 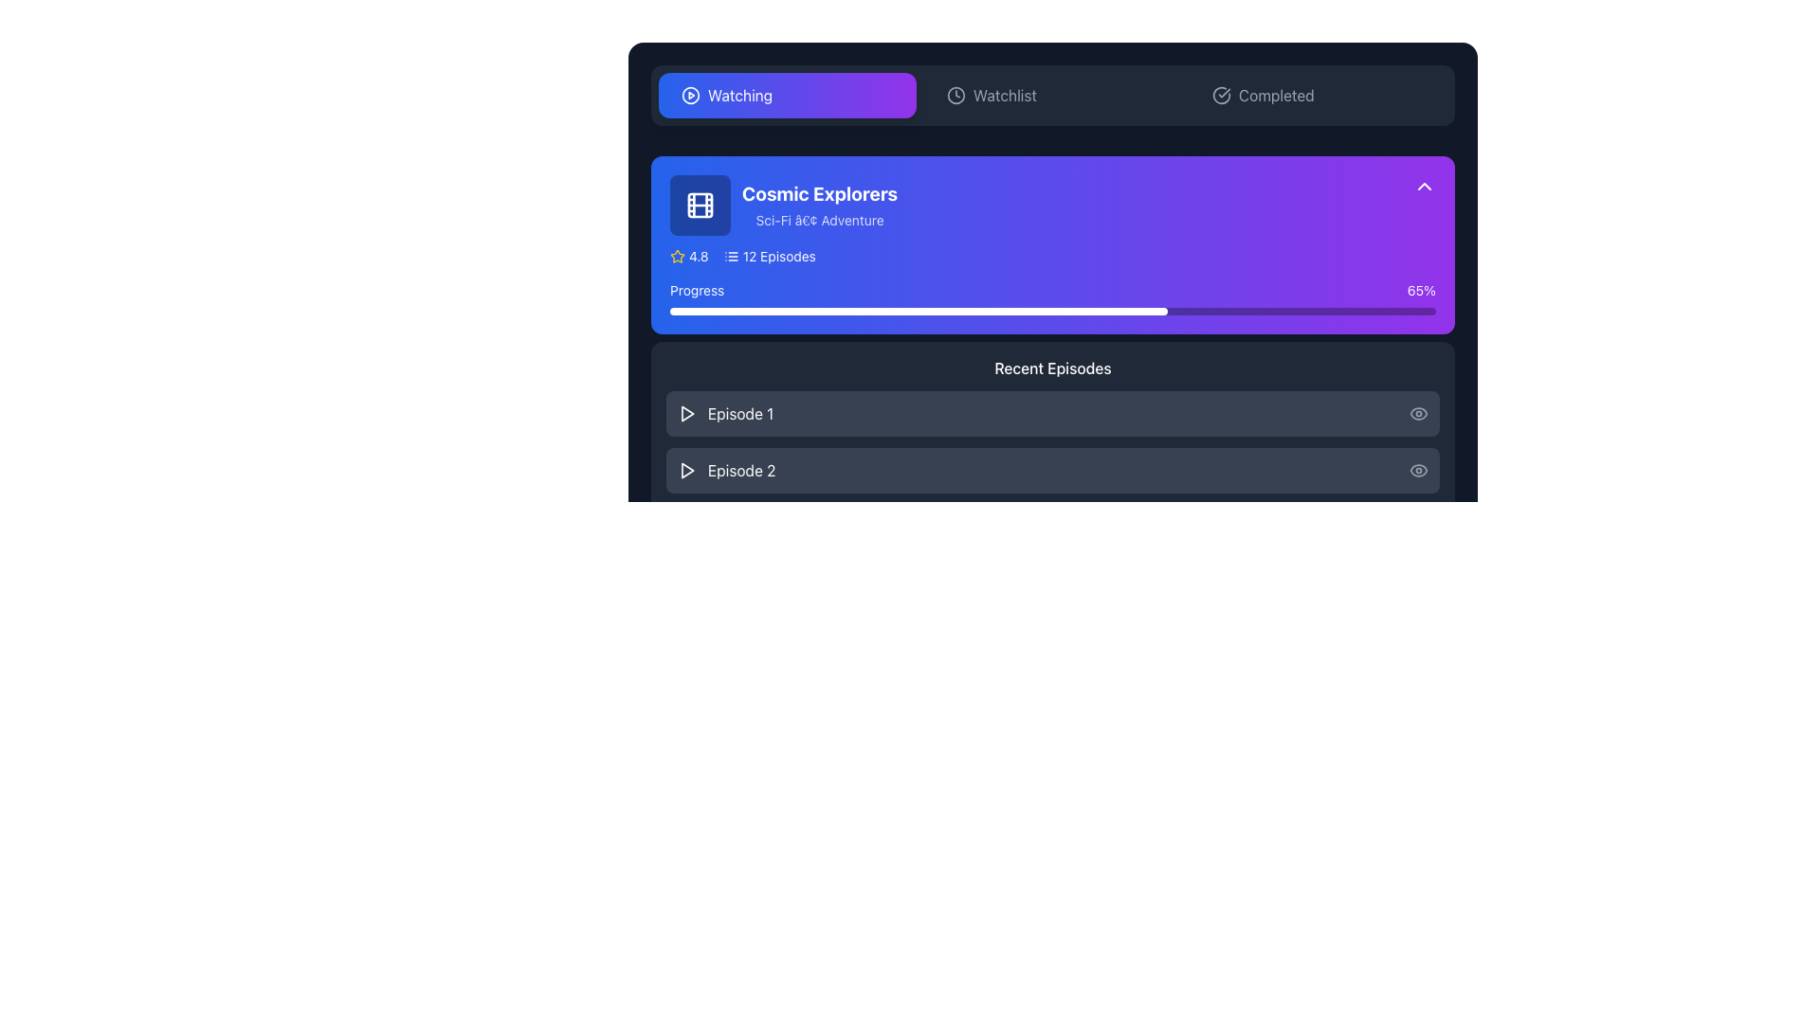 What do you see at coordinates (1021, 310) in the screenshot?
I see `progress bar` at bounding box center [1021, 310].